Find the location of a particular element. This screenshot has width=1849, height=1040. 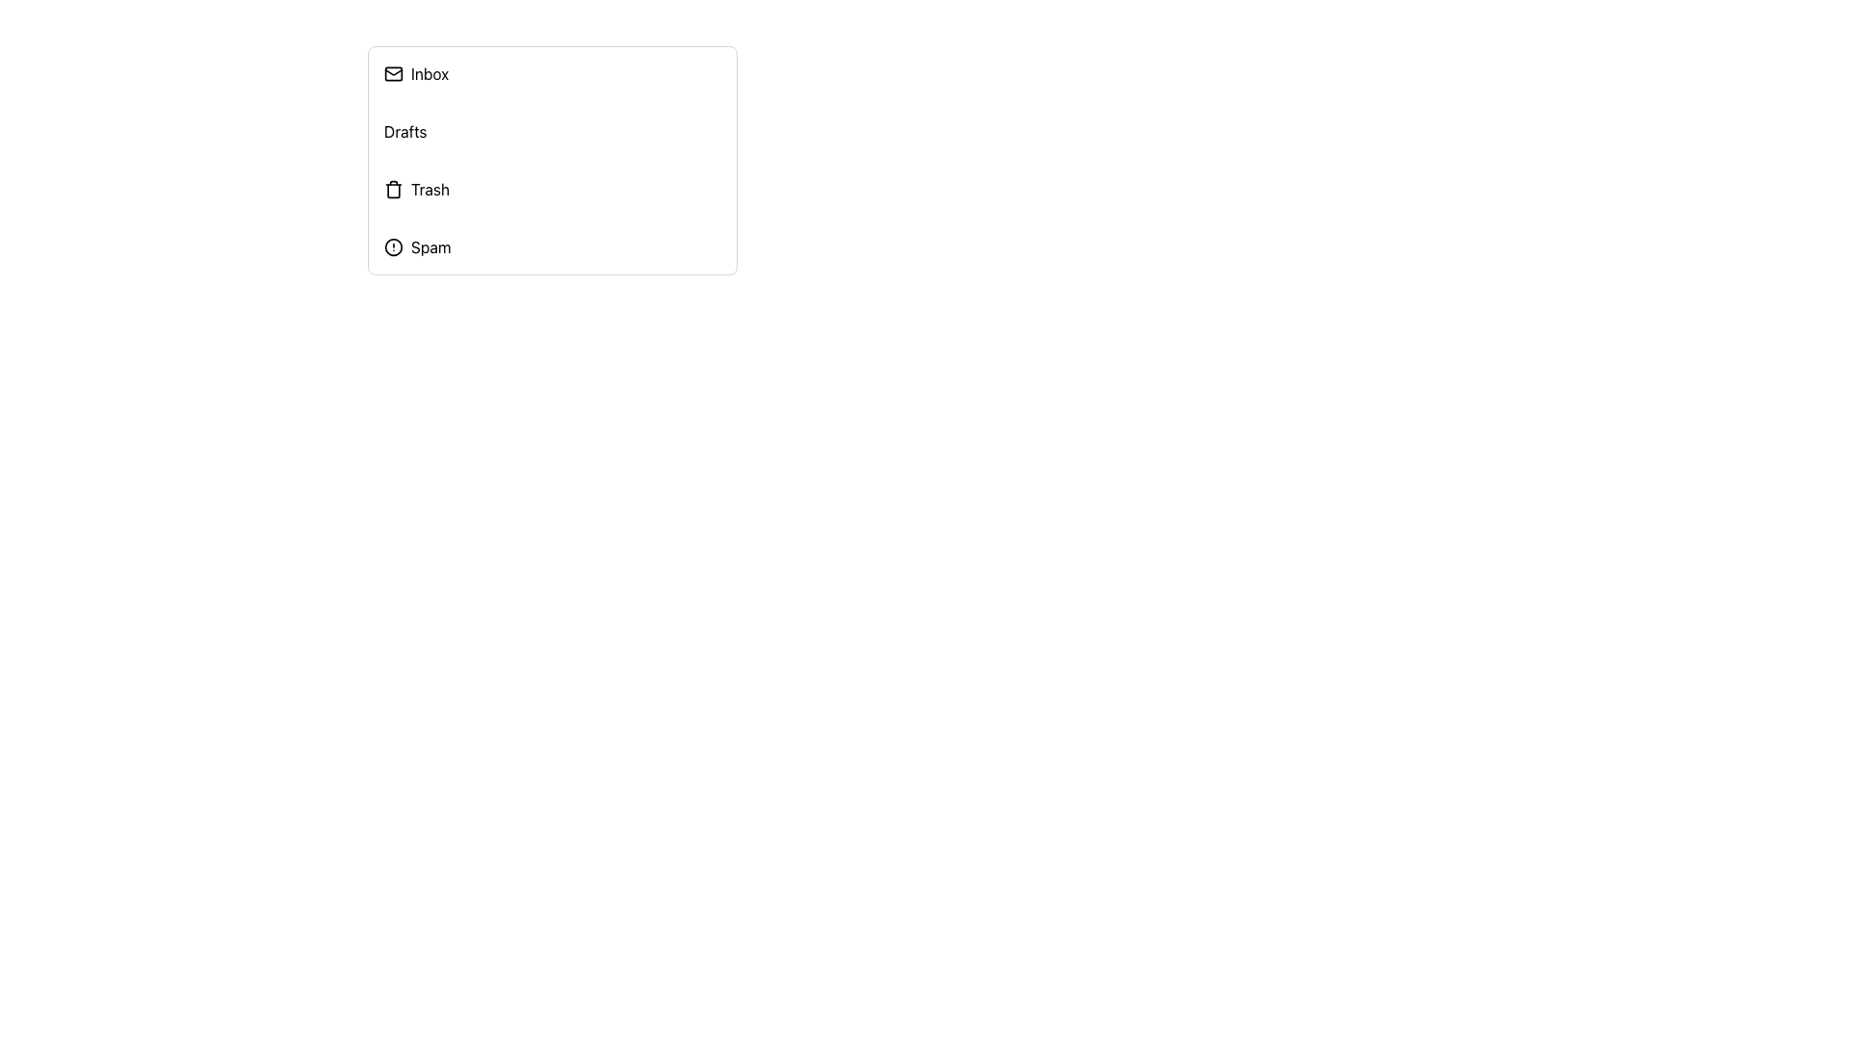

the 'Spam' text label in the sidebar is located at coordinates (430, 247).